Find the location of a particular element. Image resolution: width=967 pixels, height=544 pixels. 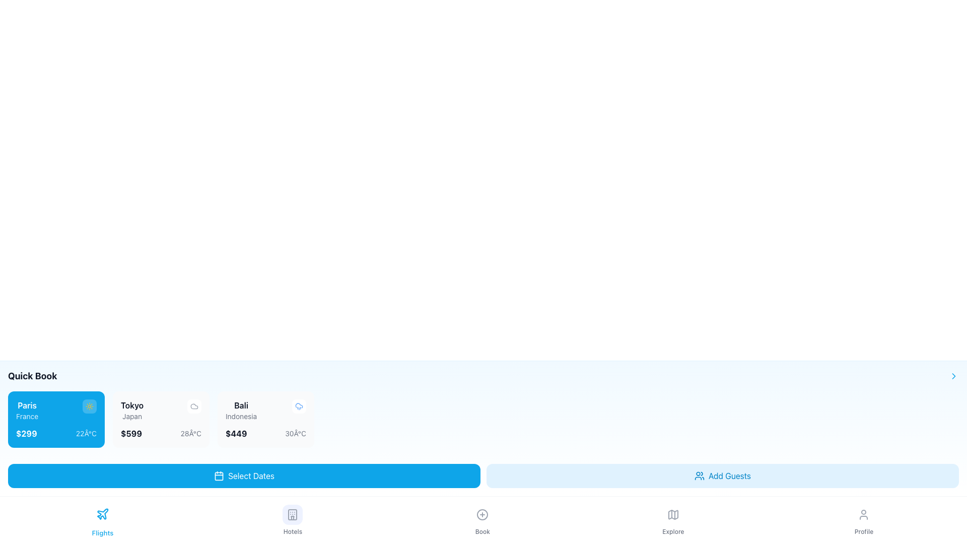

the calendar icon located to the left of the 'Select Dates' button in the navigation bar is located at coordinates (219, 476).